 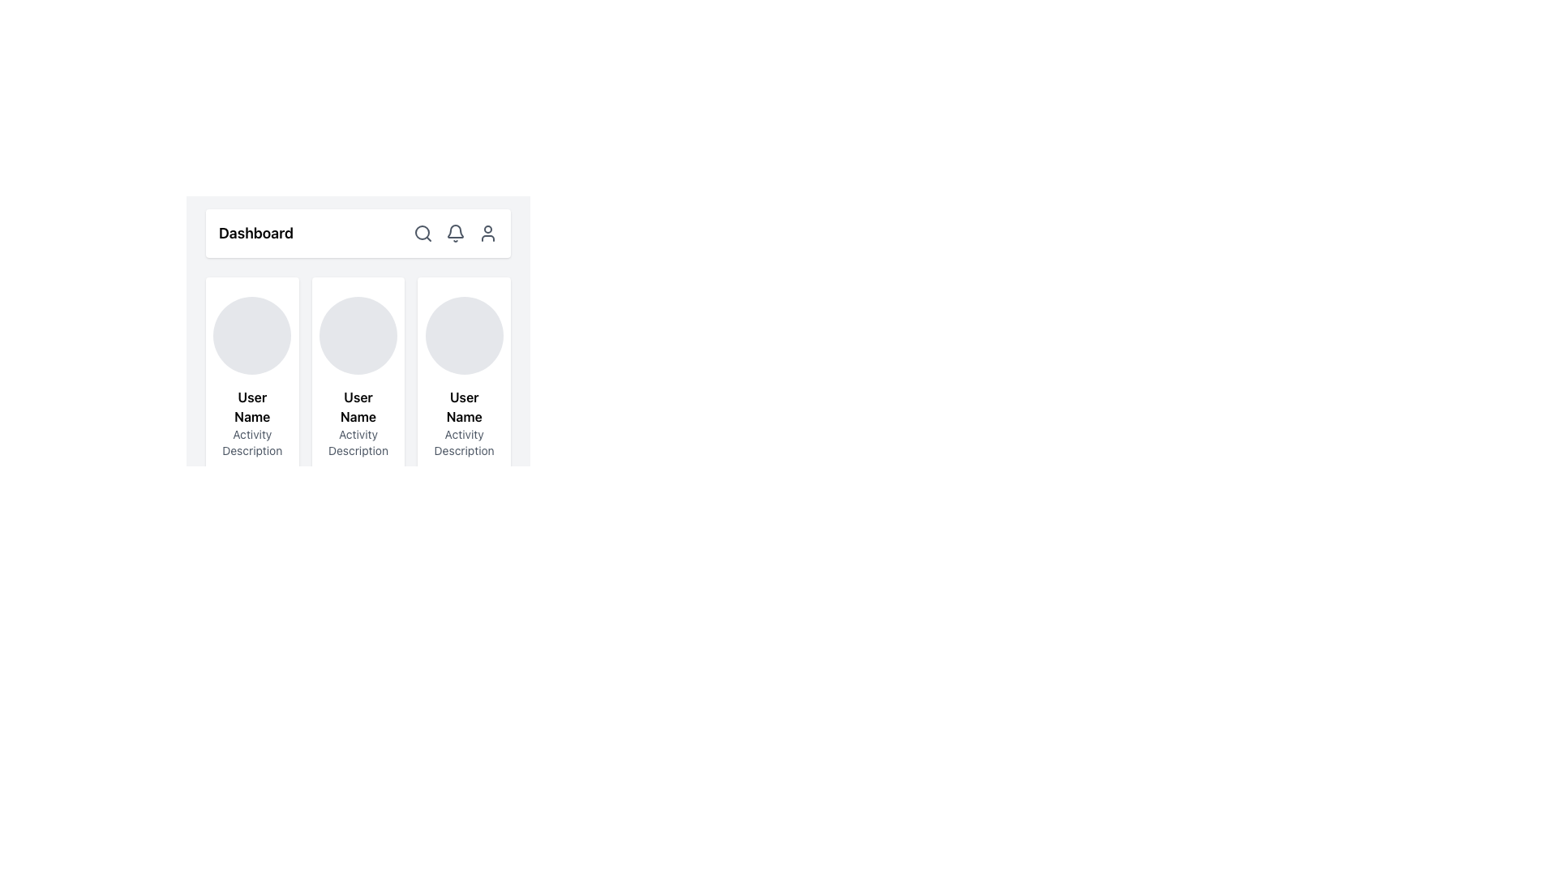 I want to click on textual information displayed in the Text Display Area, which is located below the circular avatar placeholder in the leftmost card of a sequence of three cards, so click(x=251, y=453).